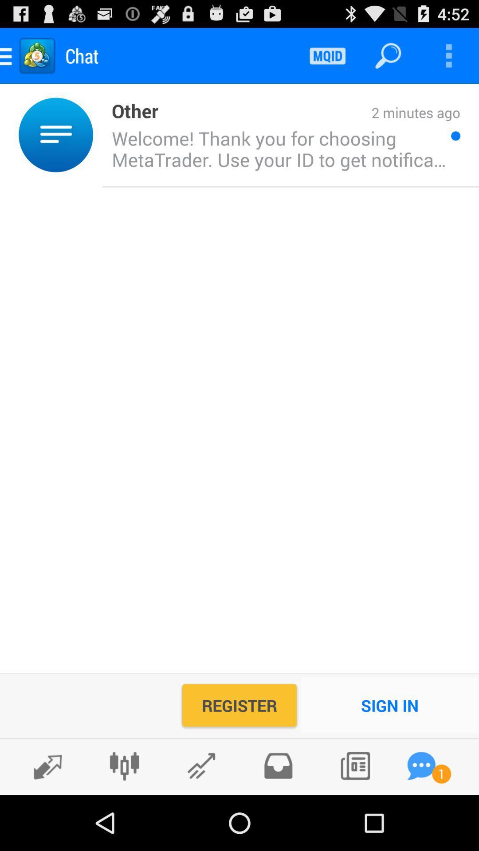  Describe the element at coordinates (455, 135) in the screenshot. I see `item to the right of the welcome thank you item` at that location.